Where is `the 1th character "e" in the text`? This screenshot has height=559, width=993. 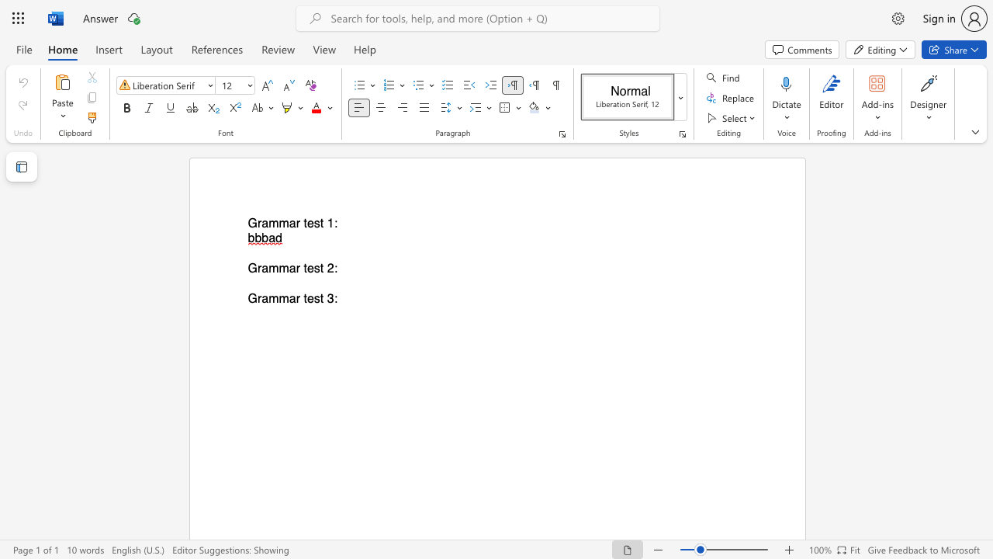 the 1th character "e" in the text is located at coordinates (310, 224).